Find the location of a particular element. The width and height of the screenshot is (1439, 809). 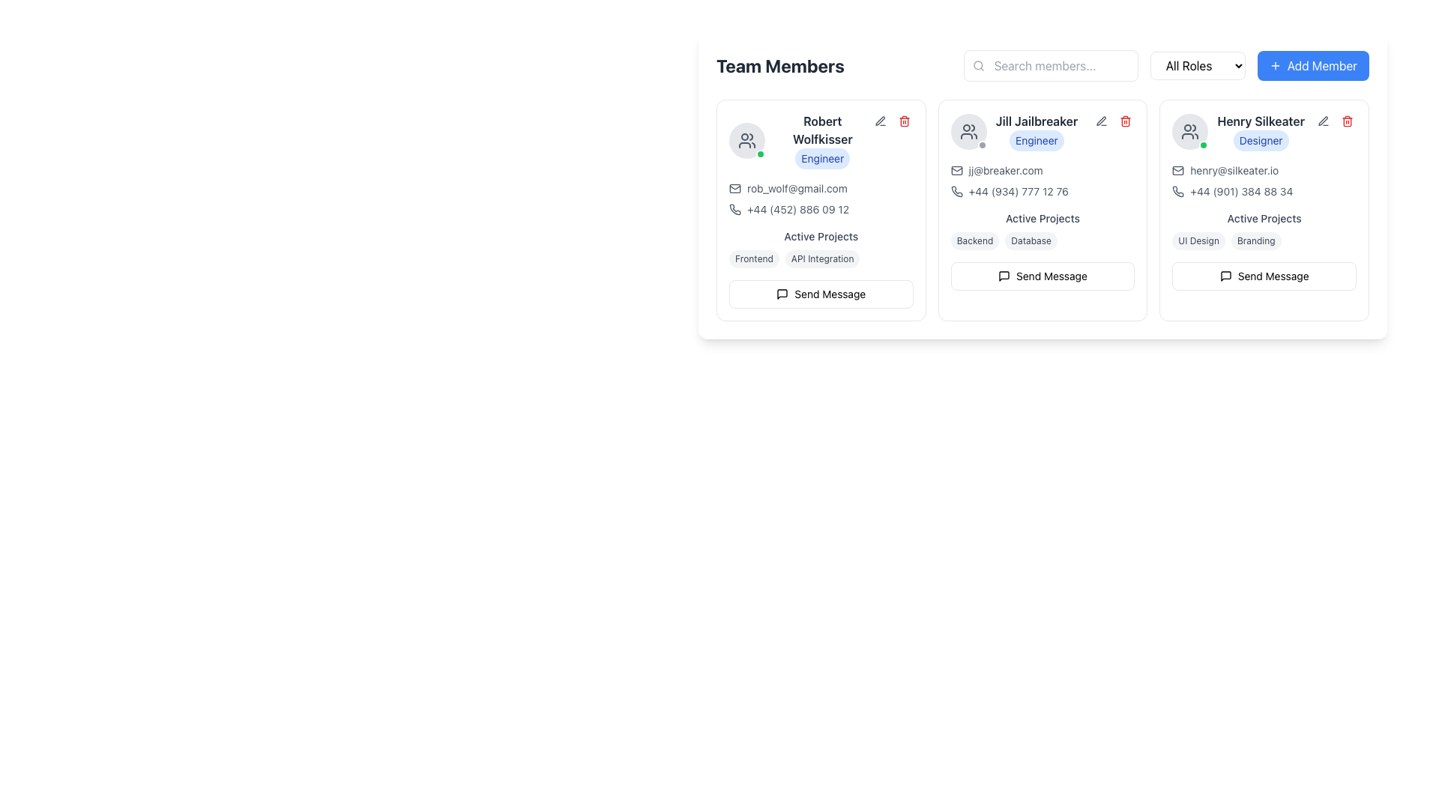

the icon button for initiating a phone call or accessing additional information related to Henry Silkeater's contact details is located at coordinates (1177, 190).